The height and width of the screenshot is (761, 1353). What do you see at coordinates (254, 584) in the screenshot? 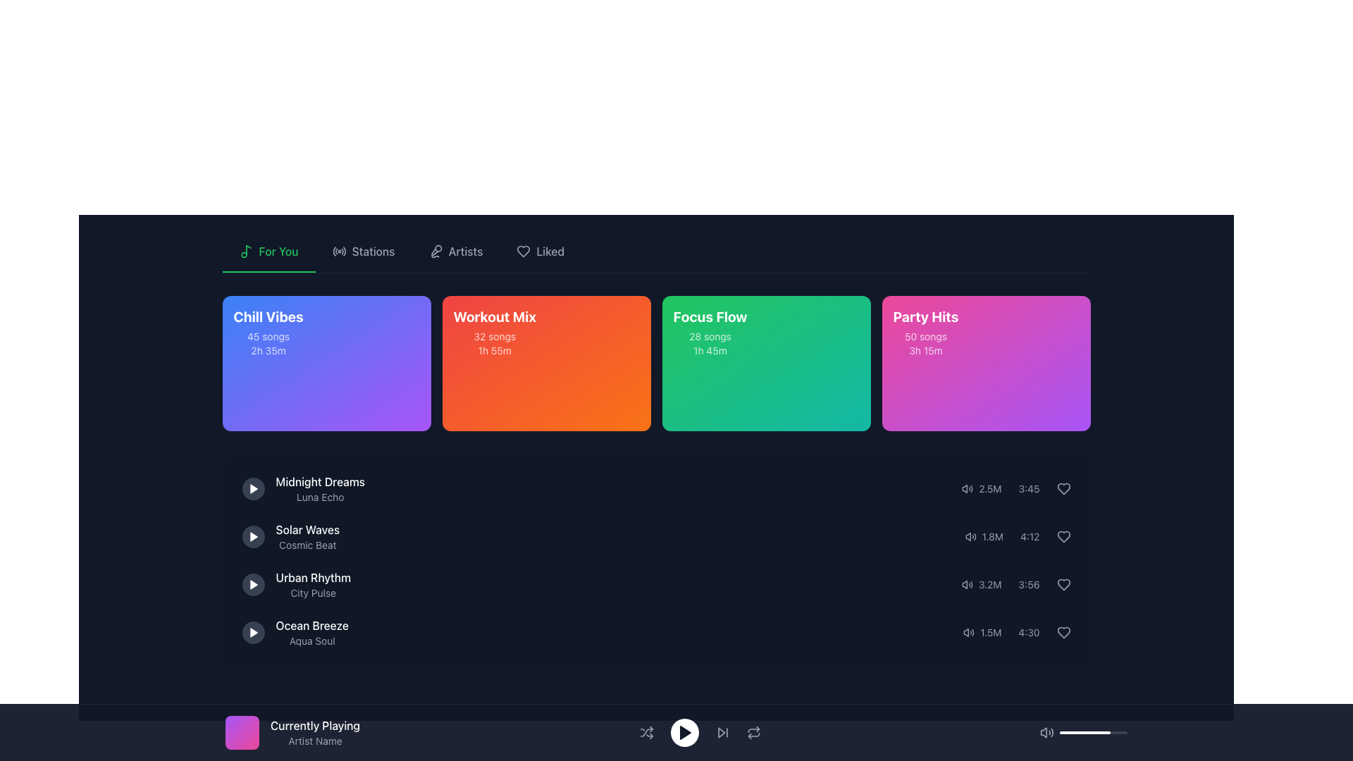
I see `the media play button located next to the song titled 'Urban Rhythm' to initiate playback` at bounding box center [254, 584].